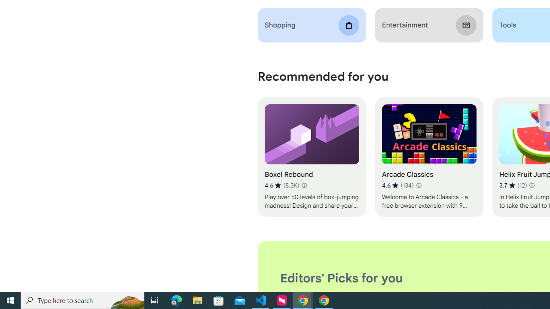 The image size is (550, 309). What do you see at coordinates (311, 157) in the screenshot?
I see `'Boxel Rebound'` at bounding box center [311, 157].